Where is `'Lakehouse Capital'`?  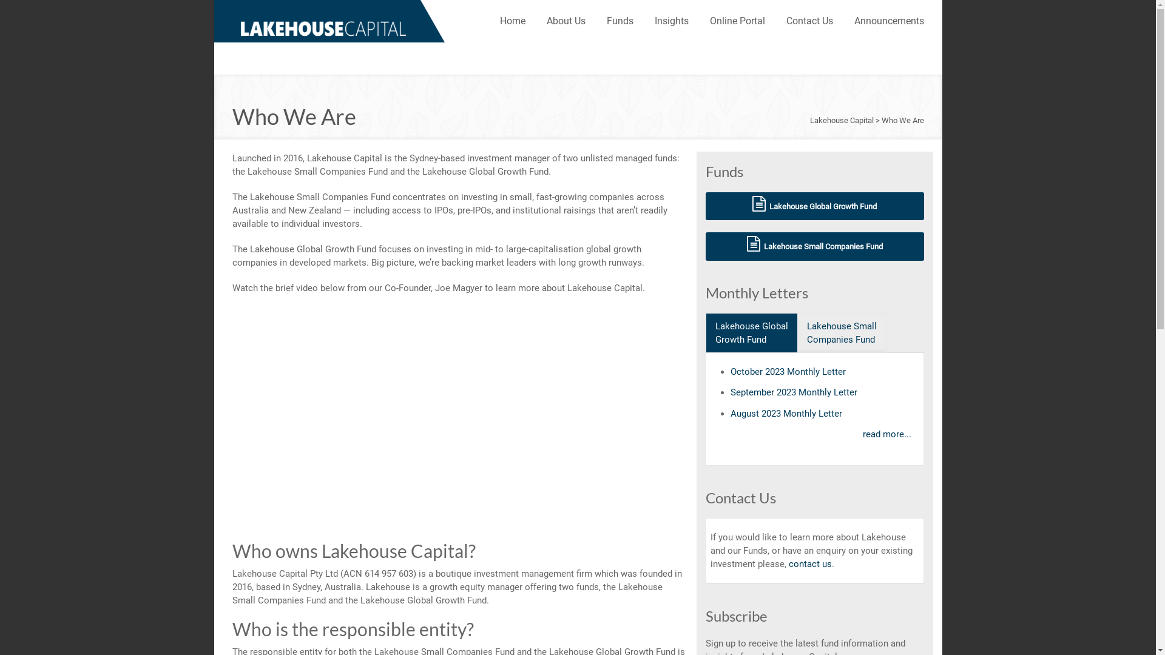
'Lakehouse Capital' is located at coordinates (323, 27).